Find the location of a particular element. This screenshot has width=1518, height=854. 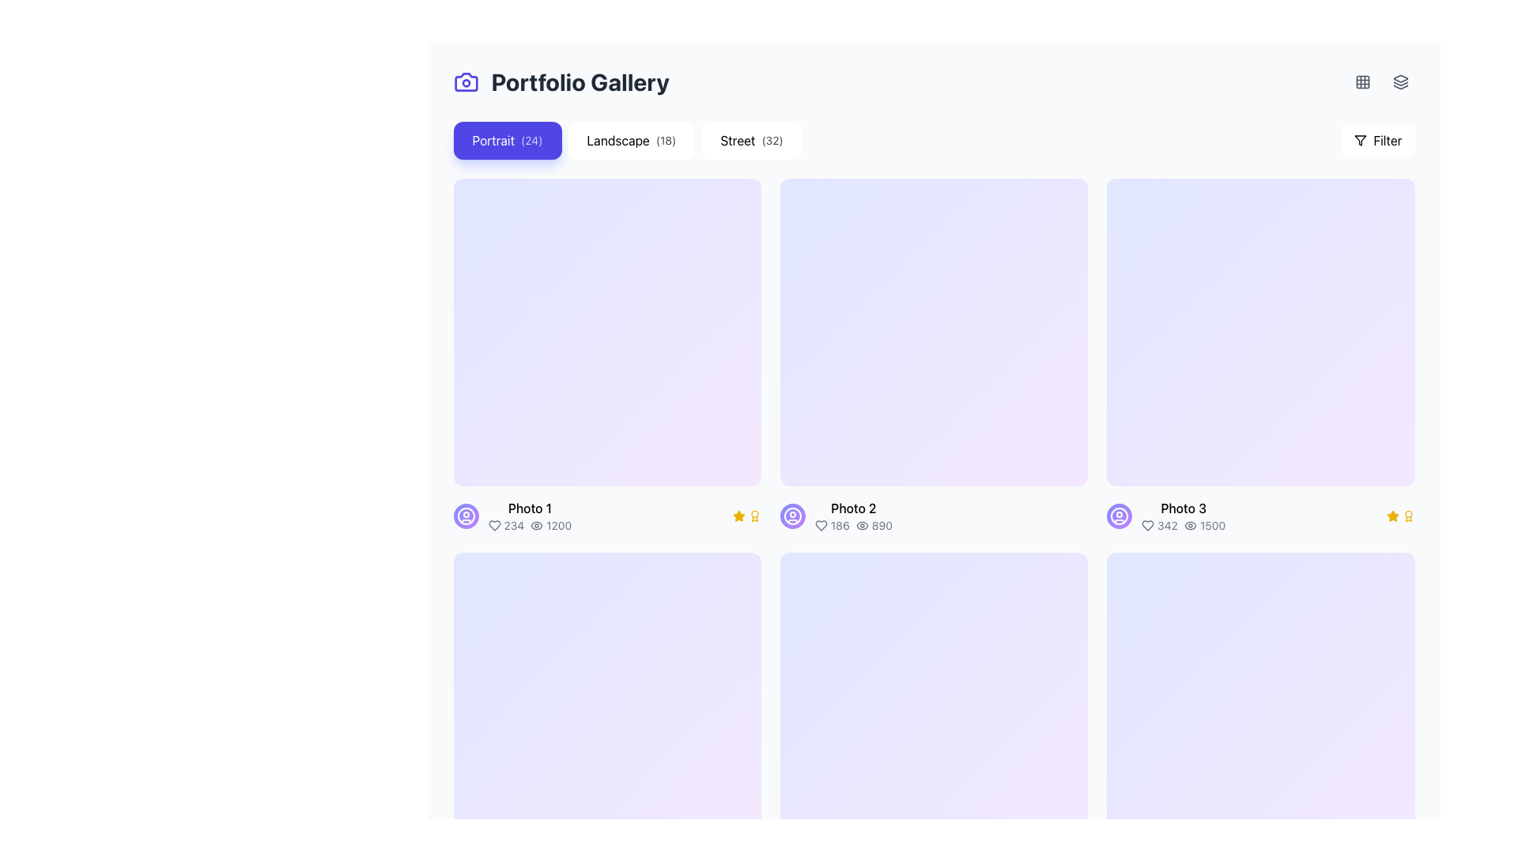

the label representing an individual portfolio item located in the lower-right area of the display grid, which contains title and summary information including likes and views is located at coordinates (1166, 516).